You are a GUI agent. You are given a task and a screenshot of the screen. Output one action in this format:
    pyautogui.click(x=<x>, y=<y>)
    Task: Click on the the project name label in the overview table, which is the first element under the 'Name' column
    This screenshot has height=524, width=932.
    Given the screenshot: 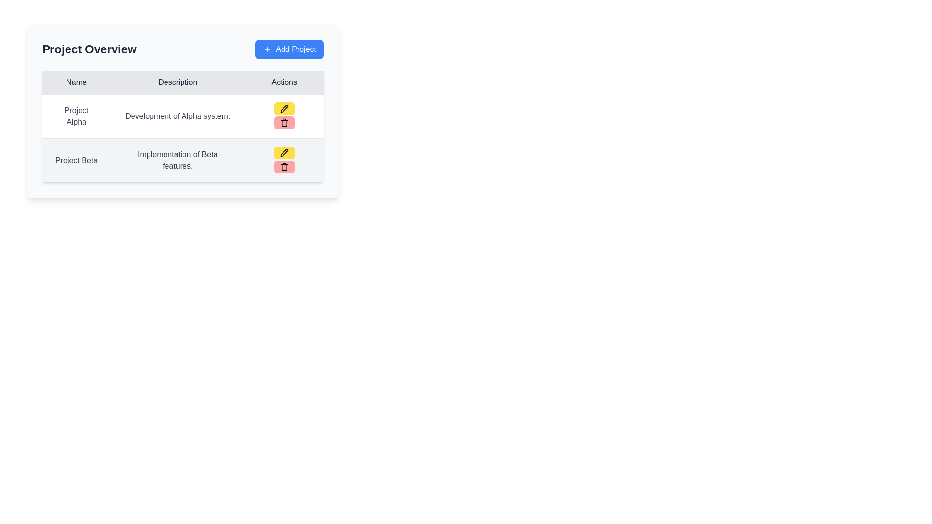 What is the action you would take?
    pyautogui.click(x=76, y=115)
    